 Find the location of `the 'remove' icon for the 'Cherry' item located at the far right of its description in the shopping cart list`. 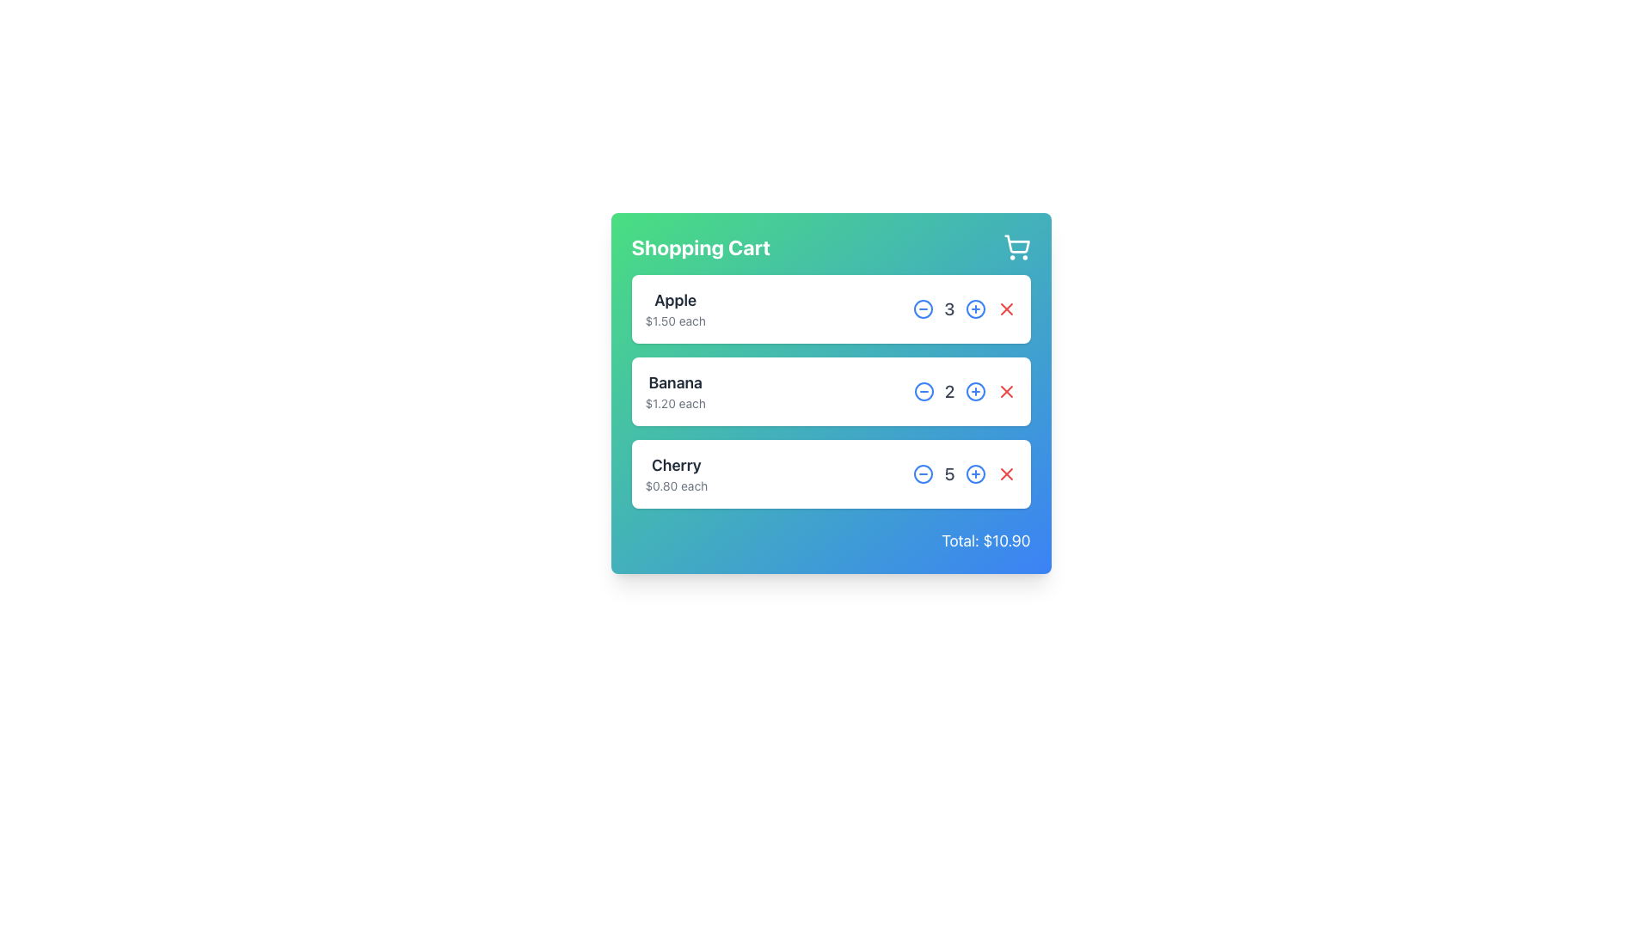

the 'remove' icon for the 'Cherry' item located at the far right of its description in the shopping cart list is located at coordinates (1006, 473).